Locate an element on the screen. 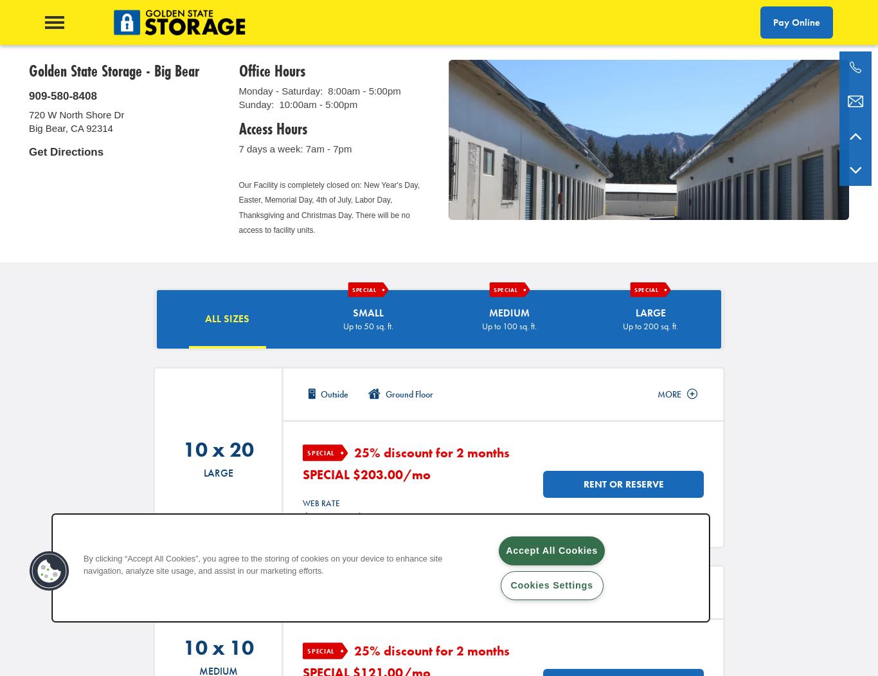 This screenshot has width=878, height=676. 'CA' is located at coordinates (77, 127).